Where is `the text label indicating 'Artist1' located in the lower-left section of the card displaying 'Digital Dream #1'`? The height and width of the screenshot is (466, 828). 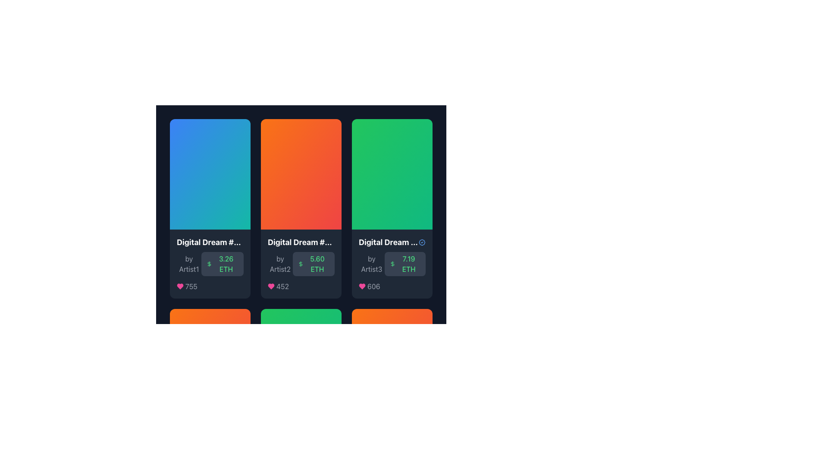
the text label indicating 'Artist1' located in the lower-left section of the card displaying 'Digital Dream #1' is located at coordinates (188, 264).